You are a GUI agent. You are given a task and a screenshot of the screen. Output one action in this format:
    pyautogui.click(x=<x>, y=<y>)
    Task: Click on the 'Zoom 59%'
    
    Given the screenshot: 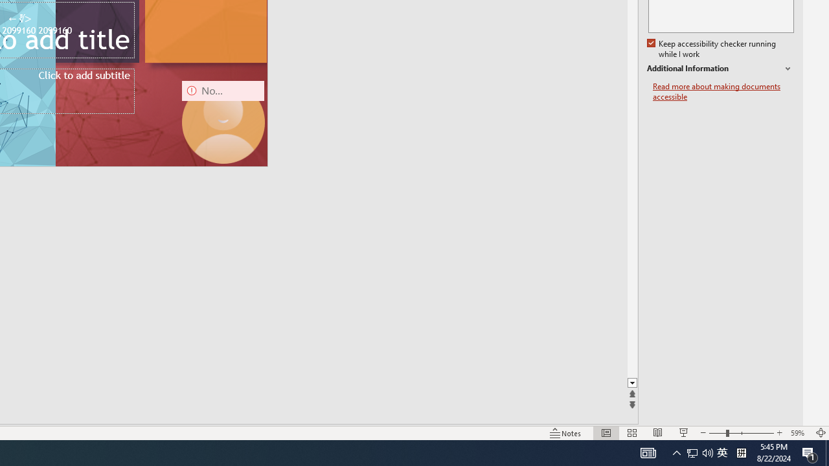 What is the action you would take?
    pyautogui.click(x=799, y=433)
    